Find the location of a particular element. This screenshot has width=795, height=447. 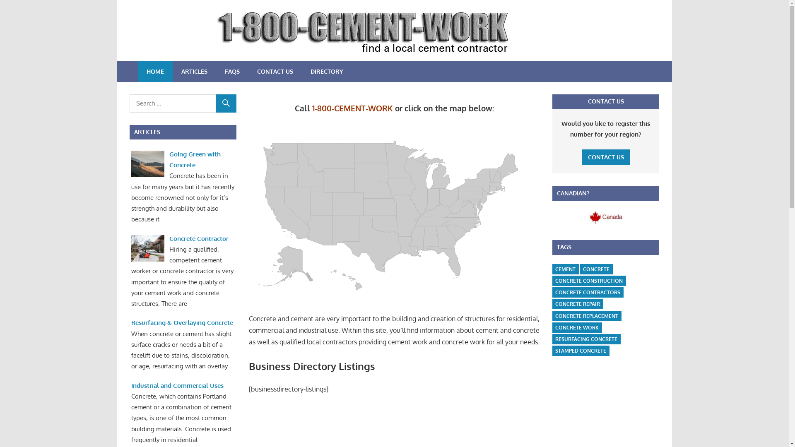

'CONCRETE WORK' is located at coordinates (576, 327).